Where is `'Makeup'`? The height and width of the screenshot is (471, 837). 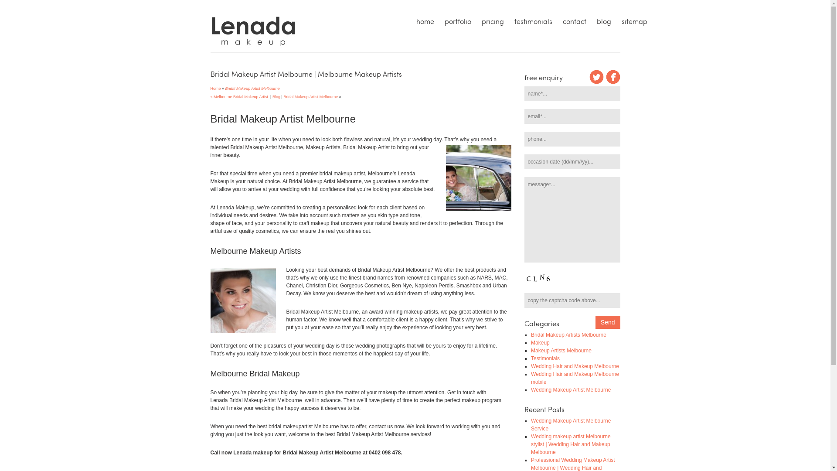 'Makeup' is located at coordinates (540, 342).